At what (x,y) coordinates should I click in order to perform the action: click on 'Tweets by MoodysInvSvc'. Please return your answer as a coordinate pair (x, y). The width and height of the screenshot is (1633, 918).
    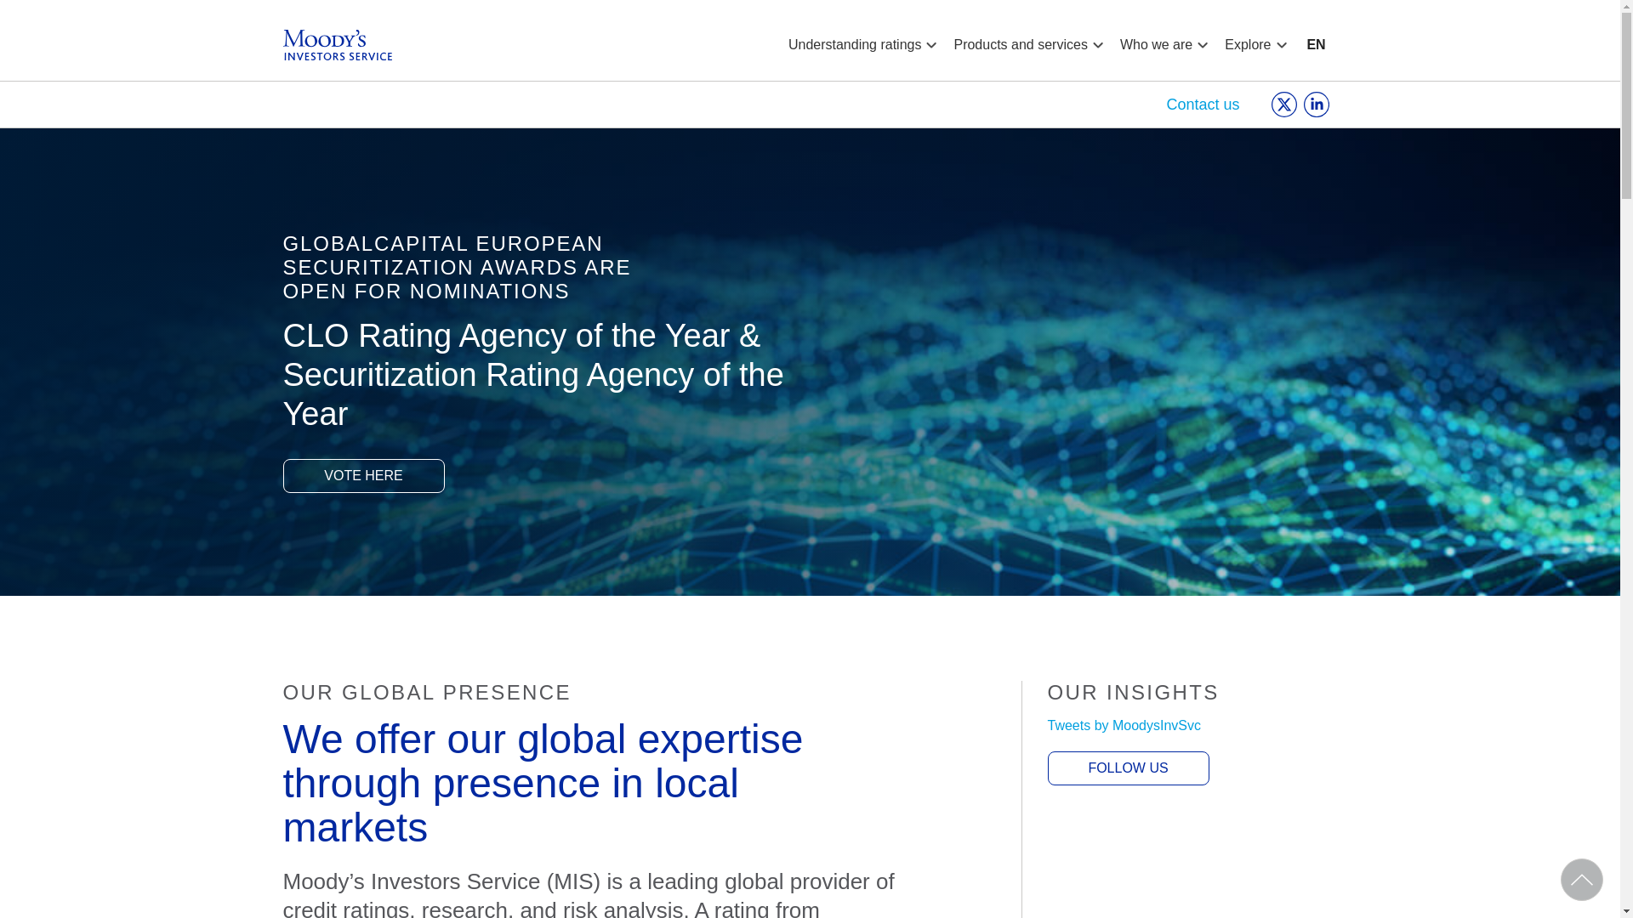
    Looking at the image, I should click on (1124, 725).